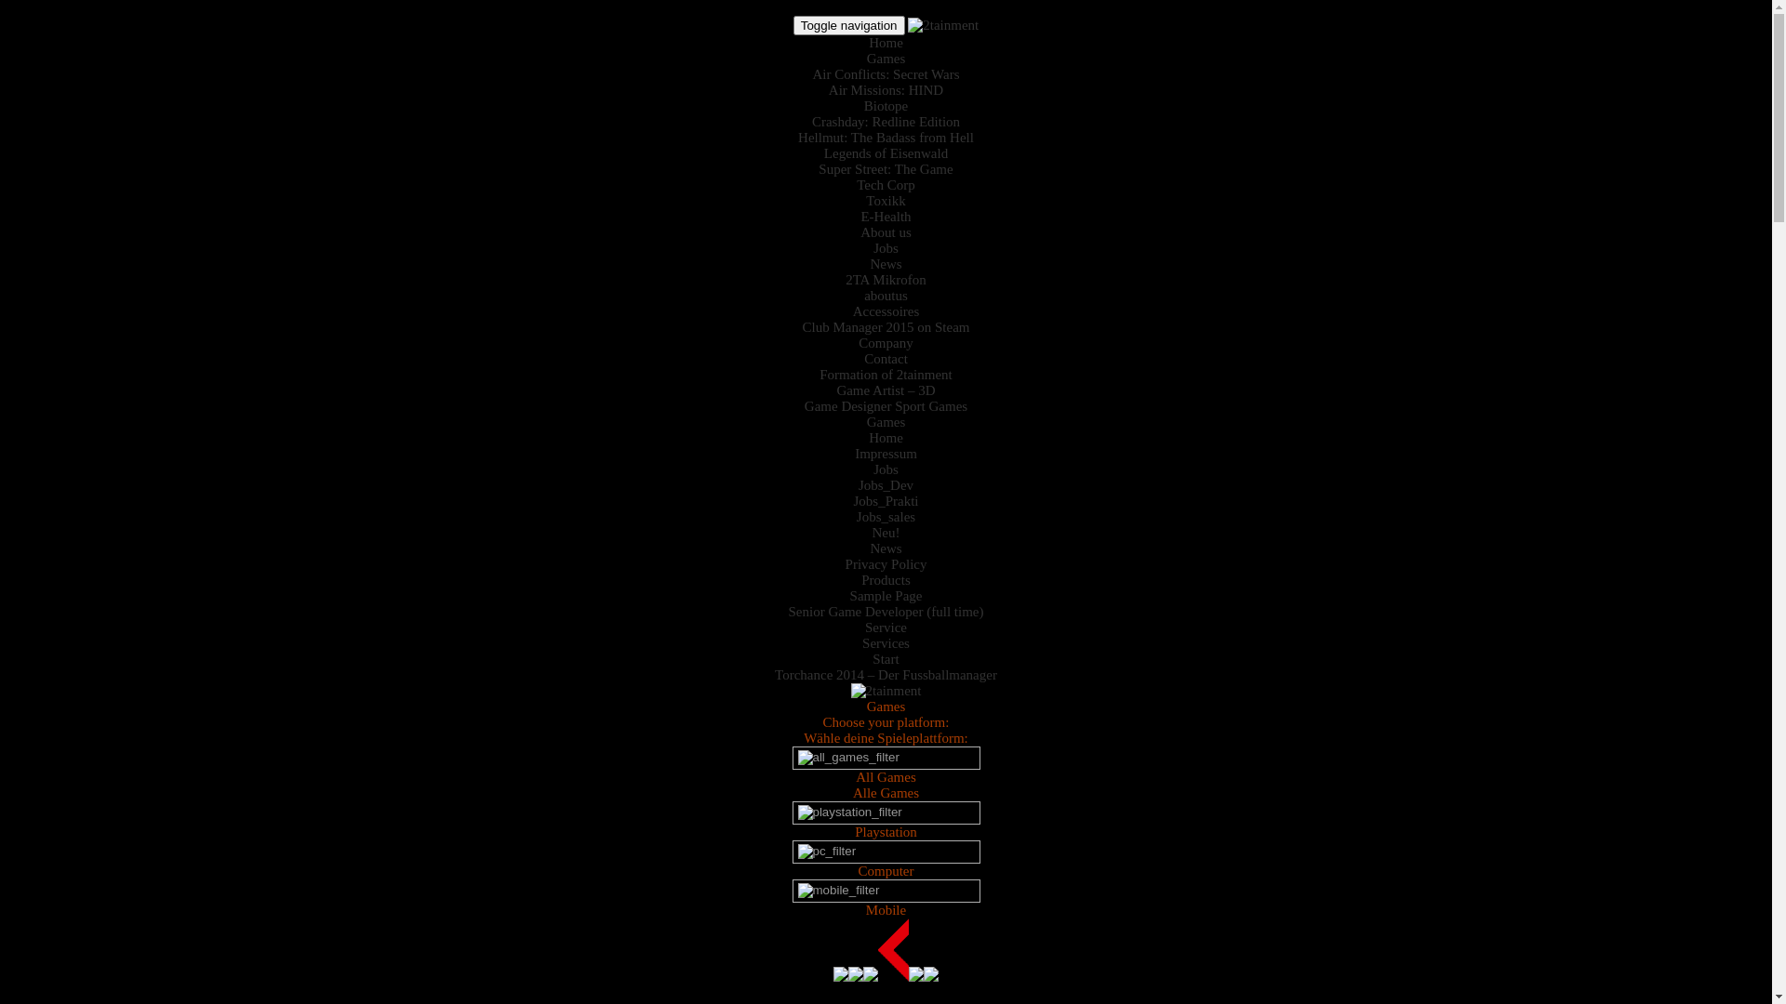 The width and height of the screenshot is (1786, 1004). I want to click on 'News', so click(884, 264).